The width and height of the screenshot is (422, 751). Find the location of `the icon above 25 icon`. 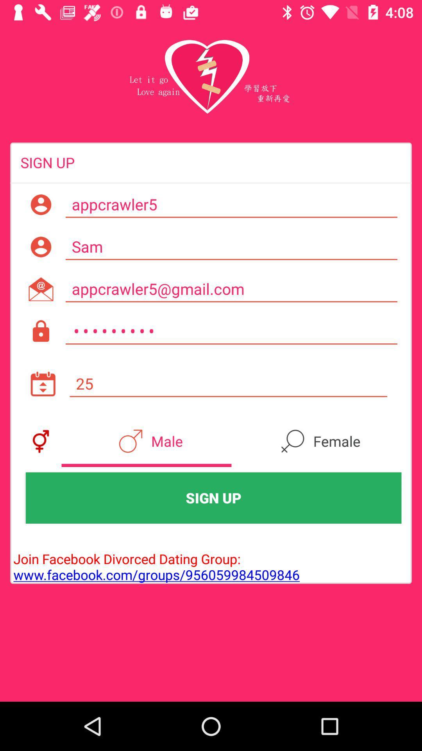

the icon above 25 icon is located at coordinates (231, 331).